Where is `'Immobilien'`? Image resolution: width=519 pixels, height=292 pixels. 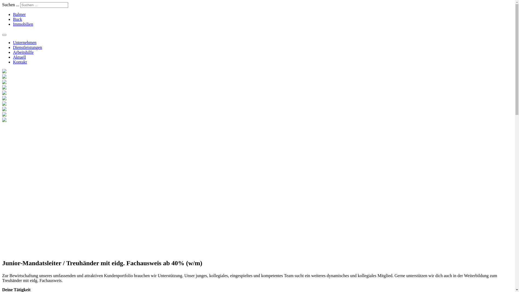
'Immobilien' is located at coordinates (23, 24).